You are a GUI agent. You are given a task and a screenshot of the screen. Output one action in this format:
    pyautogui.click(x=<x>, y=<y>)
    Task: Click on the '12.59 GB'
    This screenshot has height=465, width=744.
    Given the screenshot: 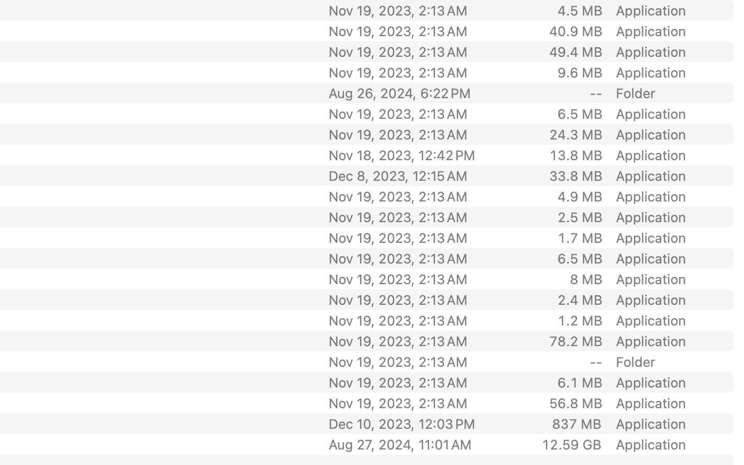 What is the action you would take?
    pyautogui.click(x=571, y=444)
    